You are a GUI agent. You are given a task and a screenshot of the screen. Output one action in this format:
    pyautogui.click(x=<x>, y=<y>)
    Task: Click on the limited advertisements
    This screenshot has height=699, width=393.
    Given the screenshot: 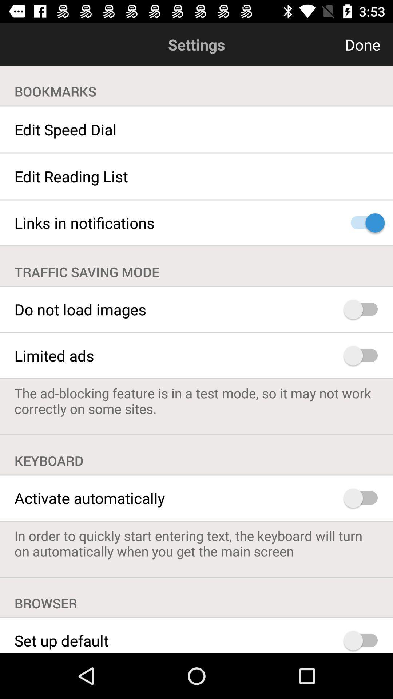 What is the action you would take?
    pyautogui.click(x=364, y=355)
    